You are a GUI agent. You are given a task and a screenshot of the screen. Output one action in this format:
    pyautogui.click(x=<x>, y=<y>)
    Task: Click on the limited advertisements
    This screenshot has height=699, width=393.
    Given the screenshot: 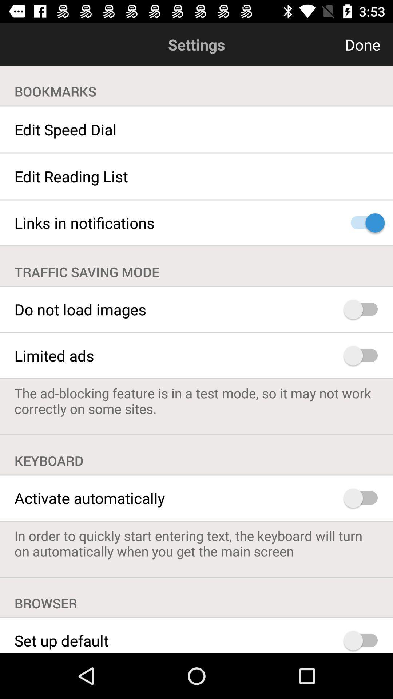 What is the action you would take?
    pyautogui.click(x=364, y=355)
    